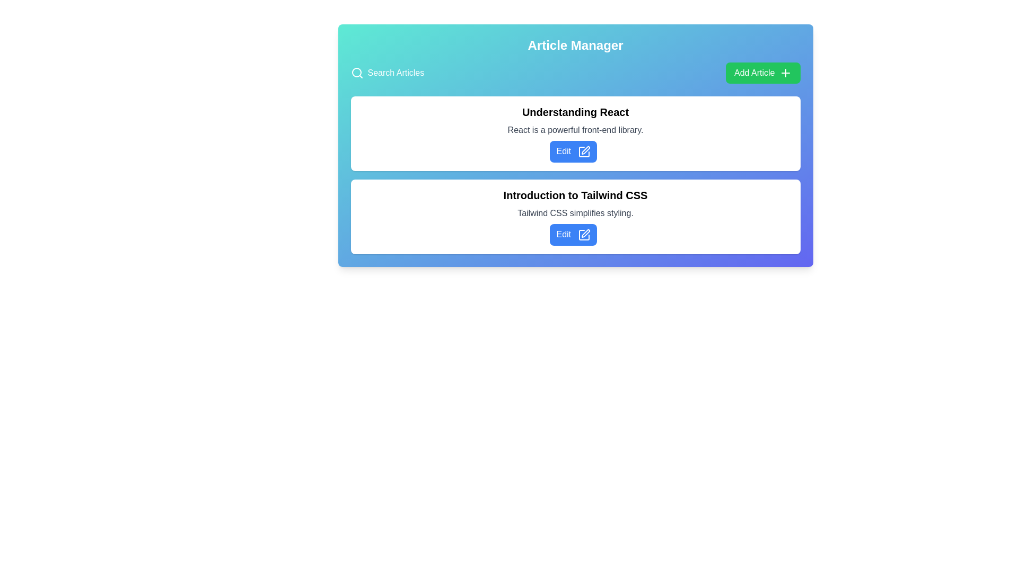  What do you see at coordinates (583, 151) in the screenshot?
I see `the edit icon resembling a pen inside a square with a blue border and white background, located to the immediate right of the blue 'Edit' button in the second article summary card below the 'Understanding React' card` at bounding box center [583, 151].